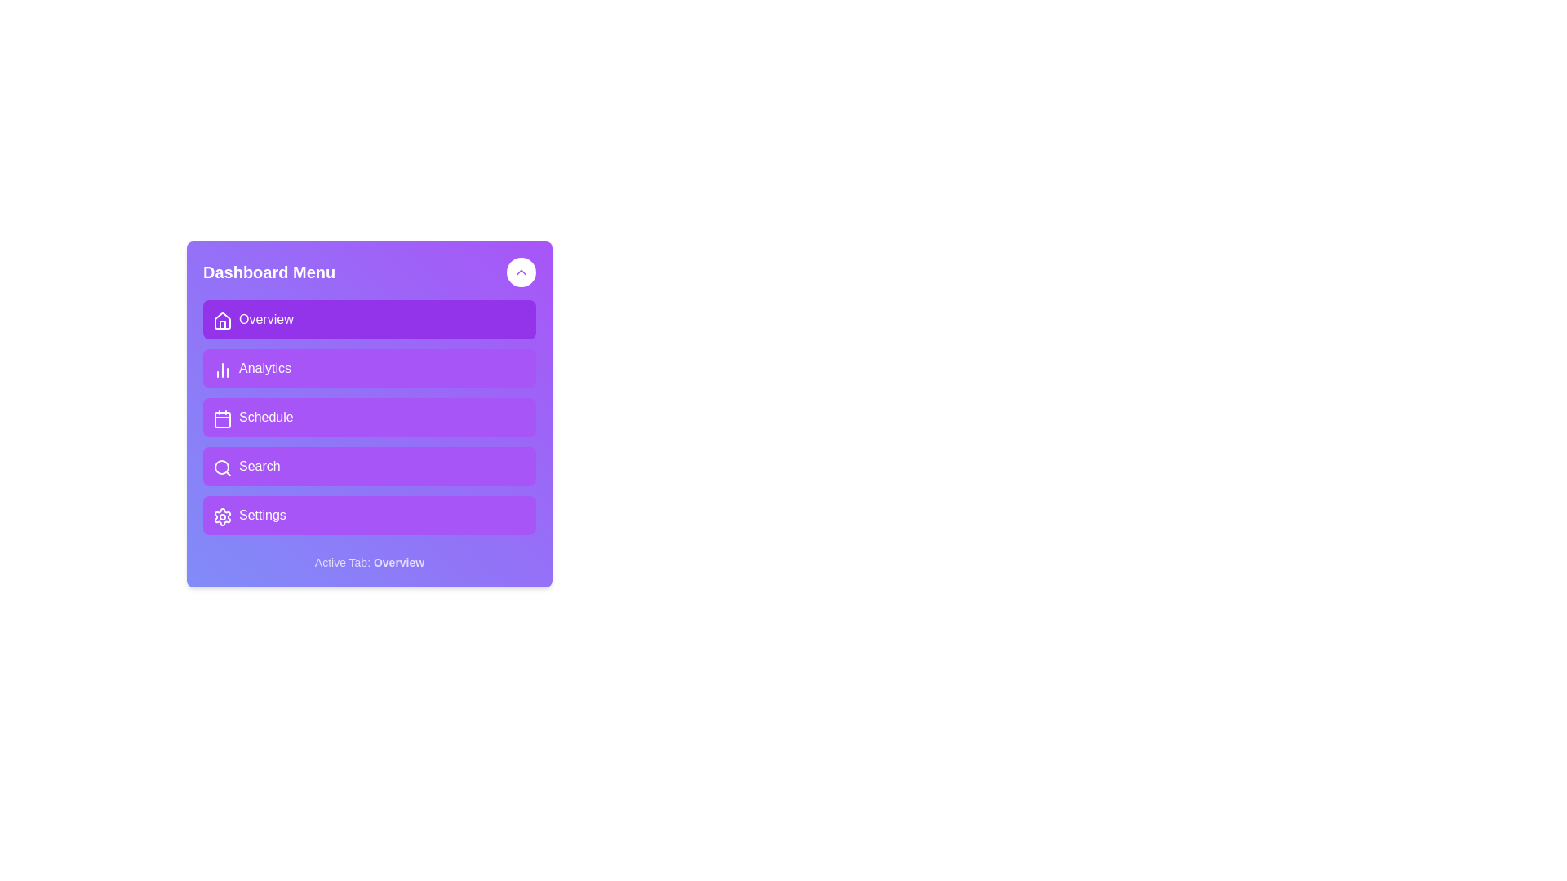 Image resolution: width=1567 pixels, height=881 pixels. What do you see at coordinates (222, 516) in the screenshot?
I see `the gear icon in the settings button located at the bottom of the Dashboard Menu` at bounding box center [222, 516].